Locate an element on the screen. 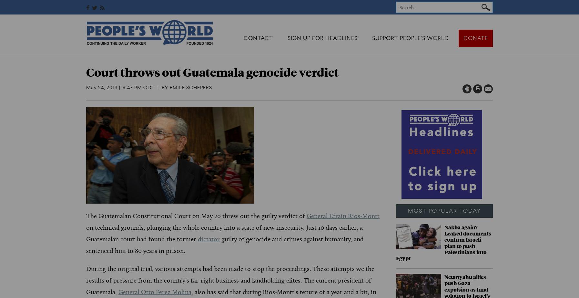  'on technical grounds, plunging the whole country into a state of new insecurity. Just 10 days earlier, a Guatemalan court had found the former' is located at coordinates (86, 233).